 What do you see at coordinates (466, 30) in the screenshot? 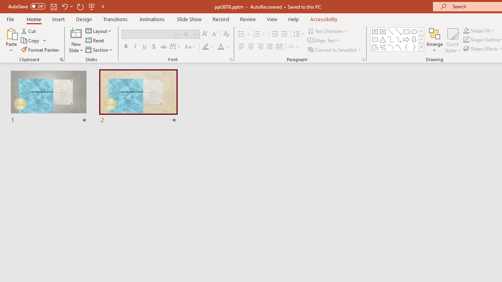
I see `'Shape Fill Dark Green, Accent 2'` at bounding box center [466, 30].